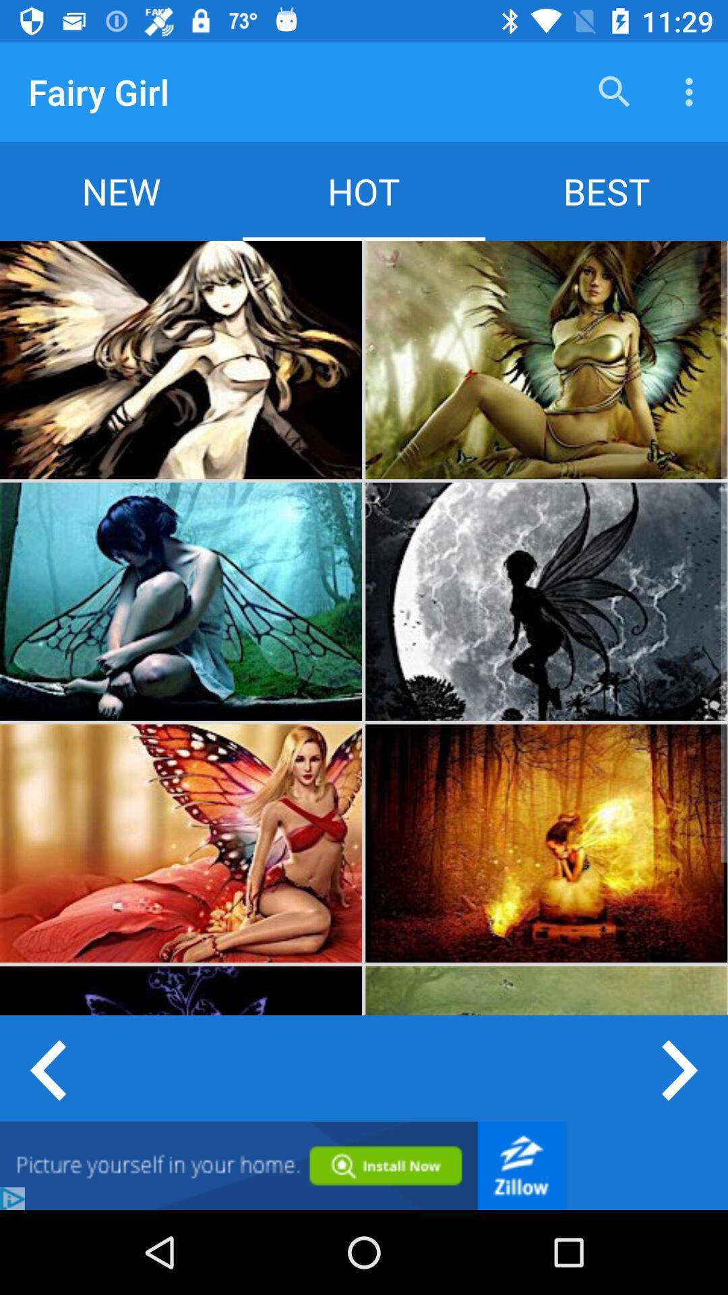 The image size is (728, 1295). I want to click on google advertisement, so click(282, 1165).